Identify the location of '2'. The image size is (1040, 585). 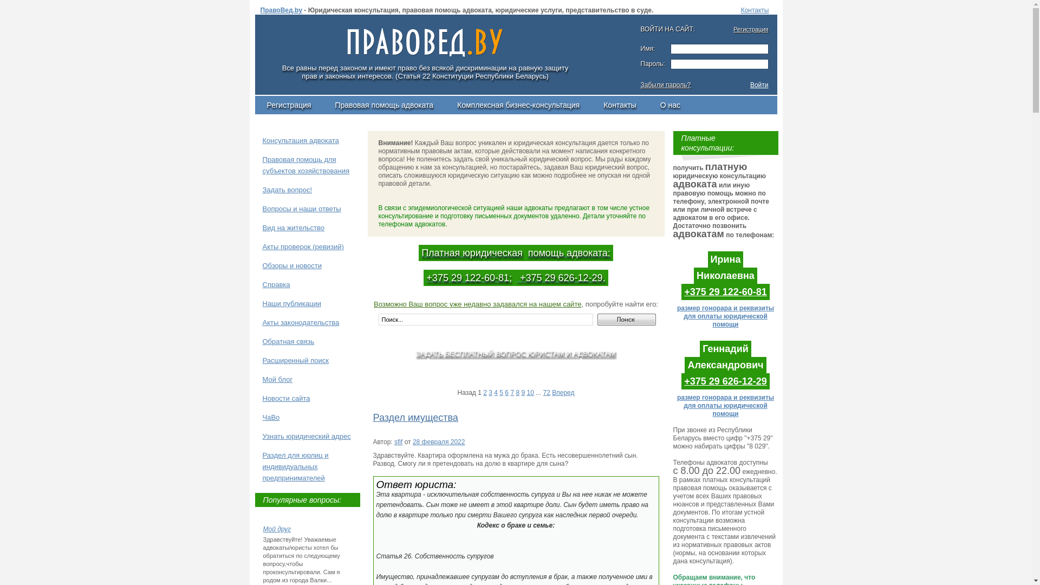
(484, 393).